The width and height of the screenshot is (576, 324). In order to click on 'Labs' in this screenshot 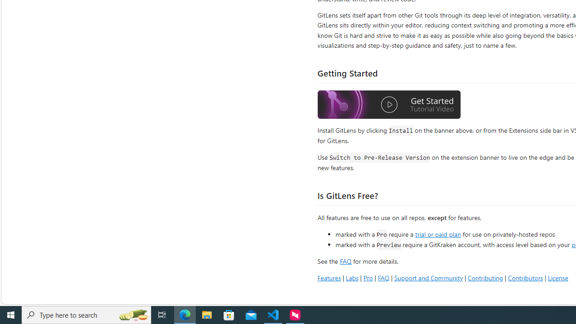, I will do `click(351, 277)`.